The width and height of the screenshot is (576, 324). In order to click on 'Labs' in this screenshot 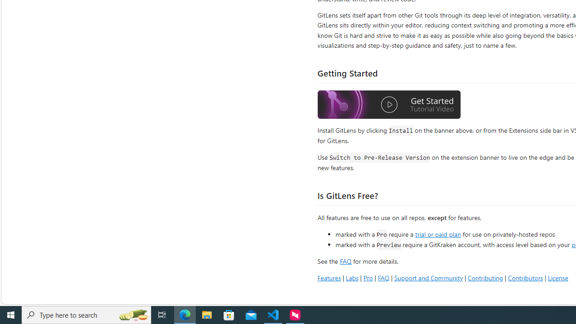, I will do `click(351, 277)`.